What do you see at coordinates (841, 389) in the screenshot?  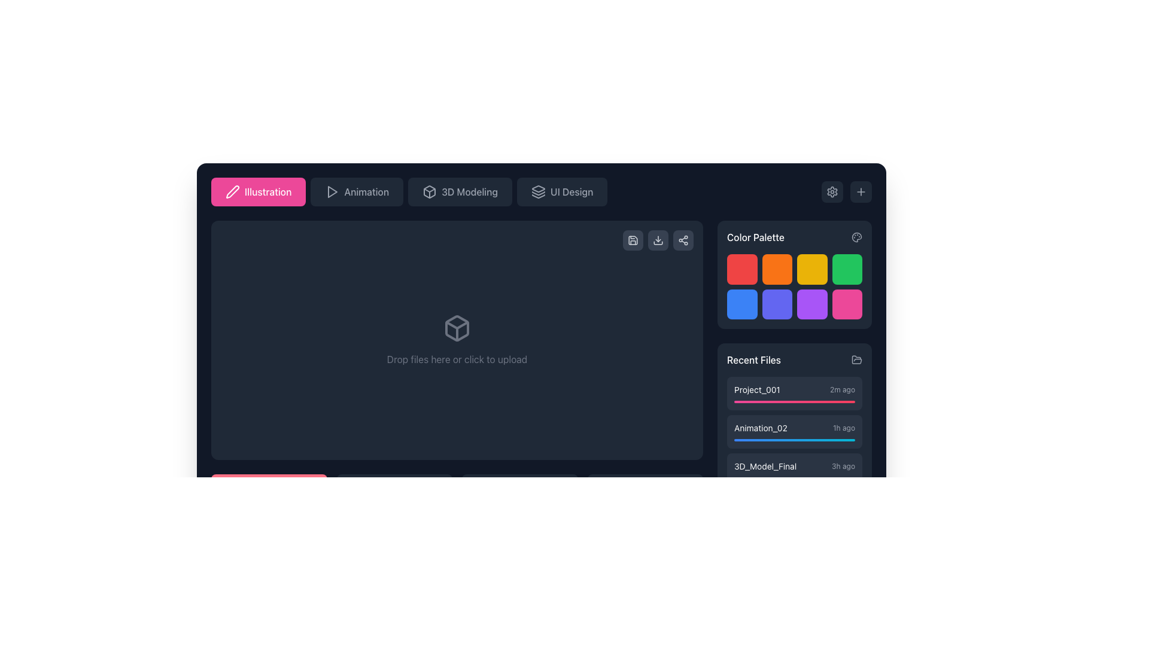 I see `the timestamp text label indicating '2 minutes ago' for the first item 'Project_001' in the 'Recent Files' list located on the right-hand side of the interface` at bounding box center [841, 389].